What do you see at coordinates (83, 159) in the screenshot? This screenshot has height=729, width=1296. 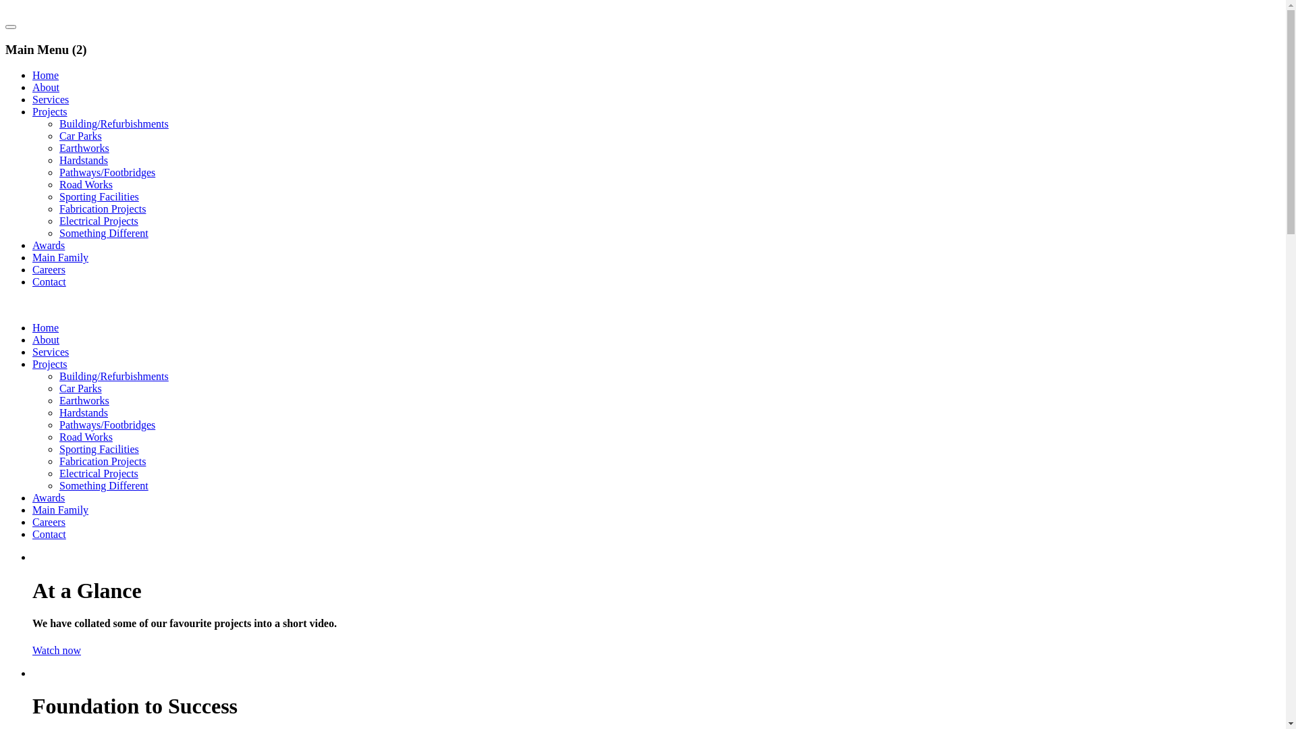 I see `'Hardstands'` at bounding box center [83, 159].